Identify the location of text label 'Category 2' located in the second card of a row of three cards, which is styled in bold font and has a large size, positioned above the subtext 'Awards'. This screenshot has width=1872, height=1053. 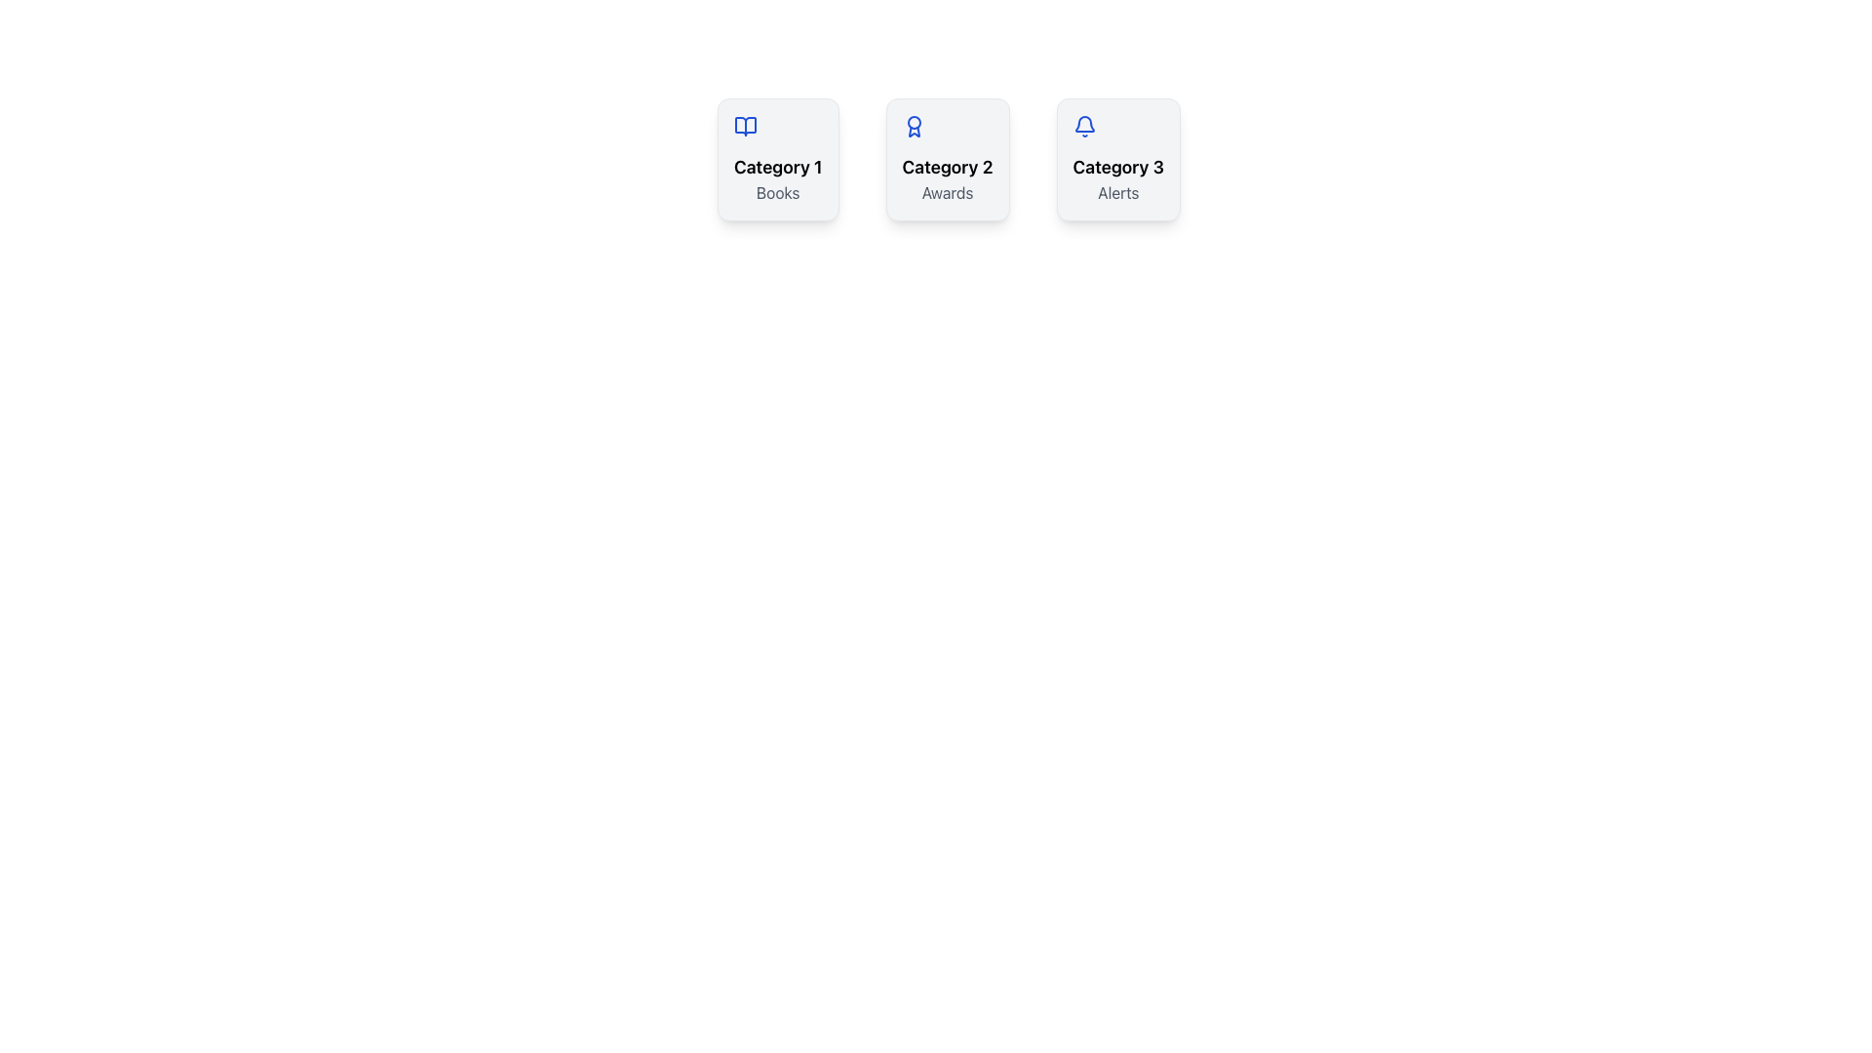
(948, 167).